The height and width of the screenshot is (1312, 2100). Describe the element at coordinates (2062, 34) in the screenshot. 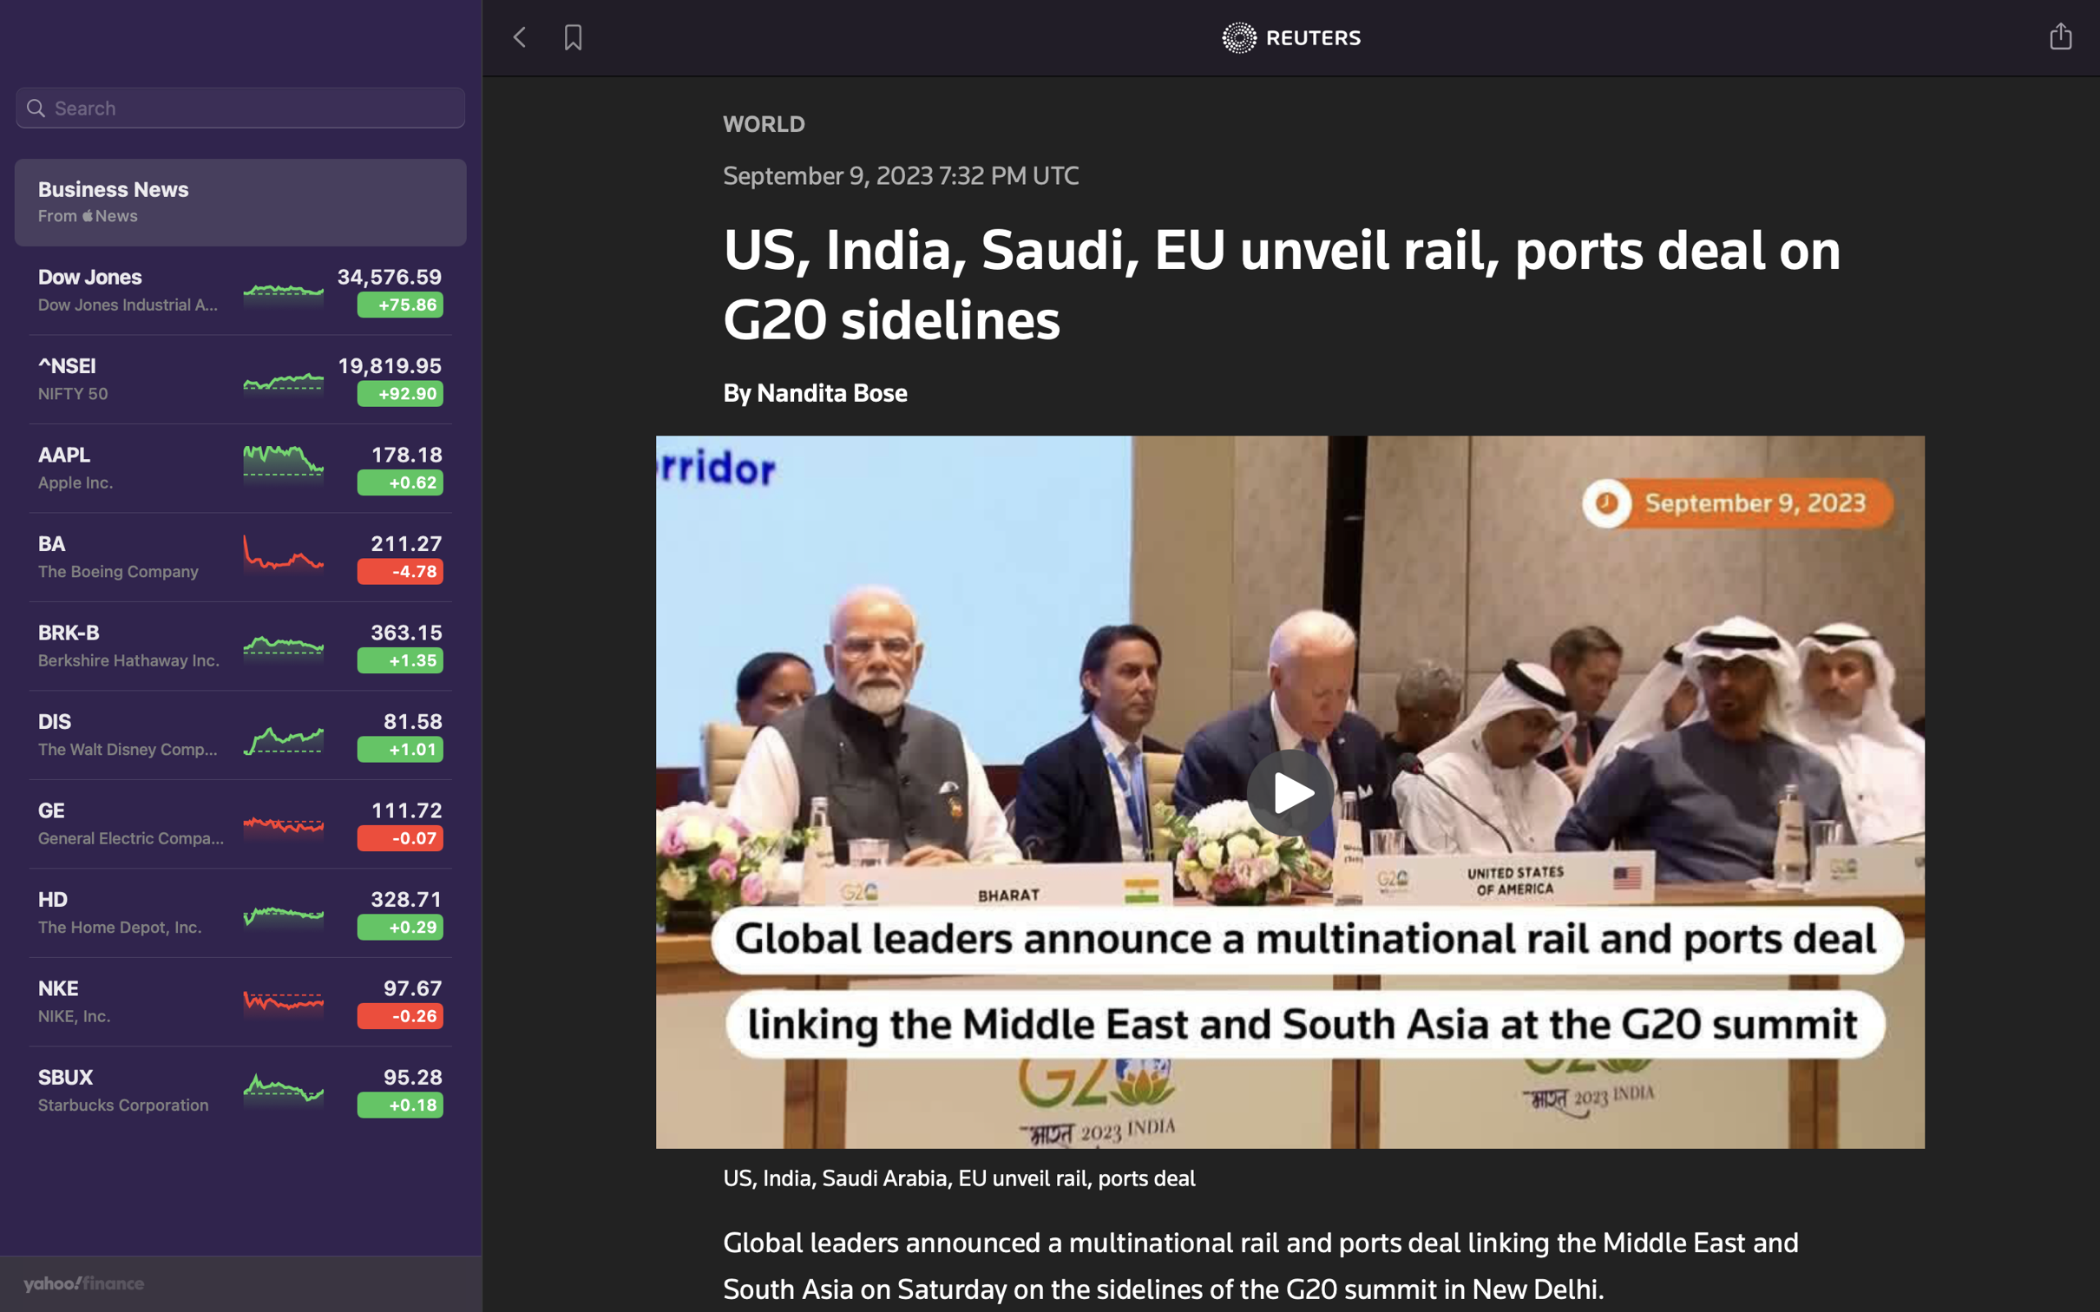

I see `By using the share icon, launch the story on Safari browser` at that location.